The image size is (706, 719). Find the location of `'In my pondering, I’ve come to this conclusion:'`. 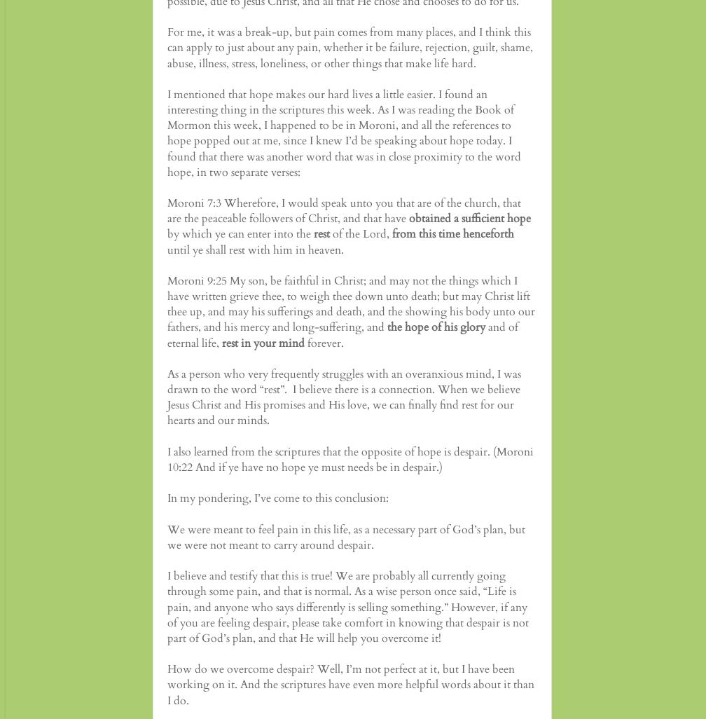

'In my pondering, I’ve come to this conclusion:' is located at coordinates (277, 498).